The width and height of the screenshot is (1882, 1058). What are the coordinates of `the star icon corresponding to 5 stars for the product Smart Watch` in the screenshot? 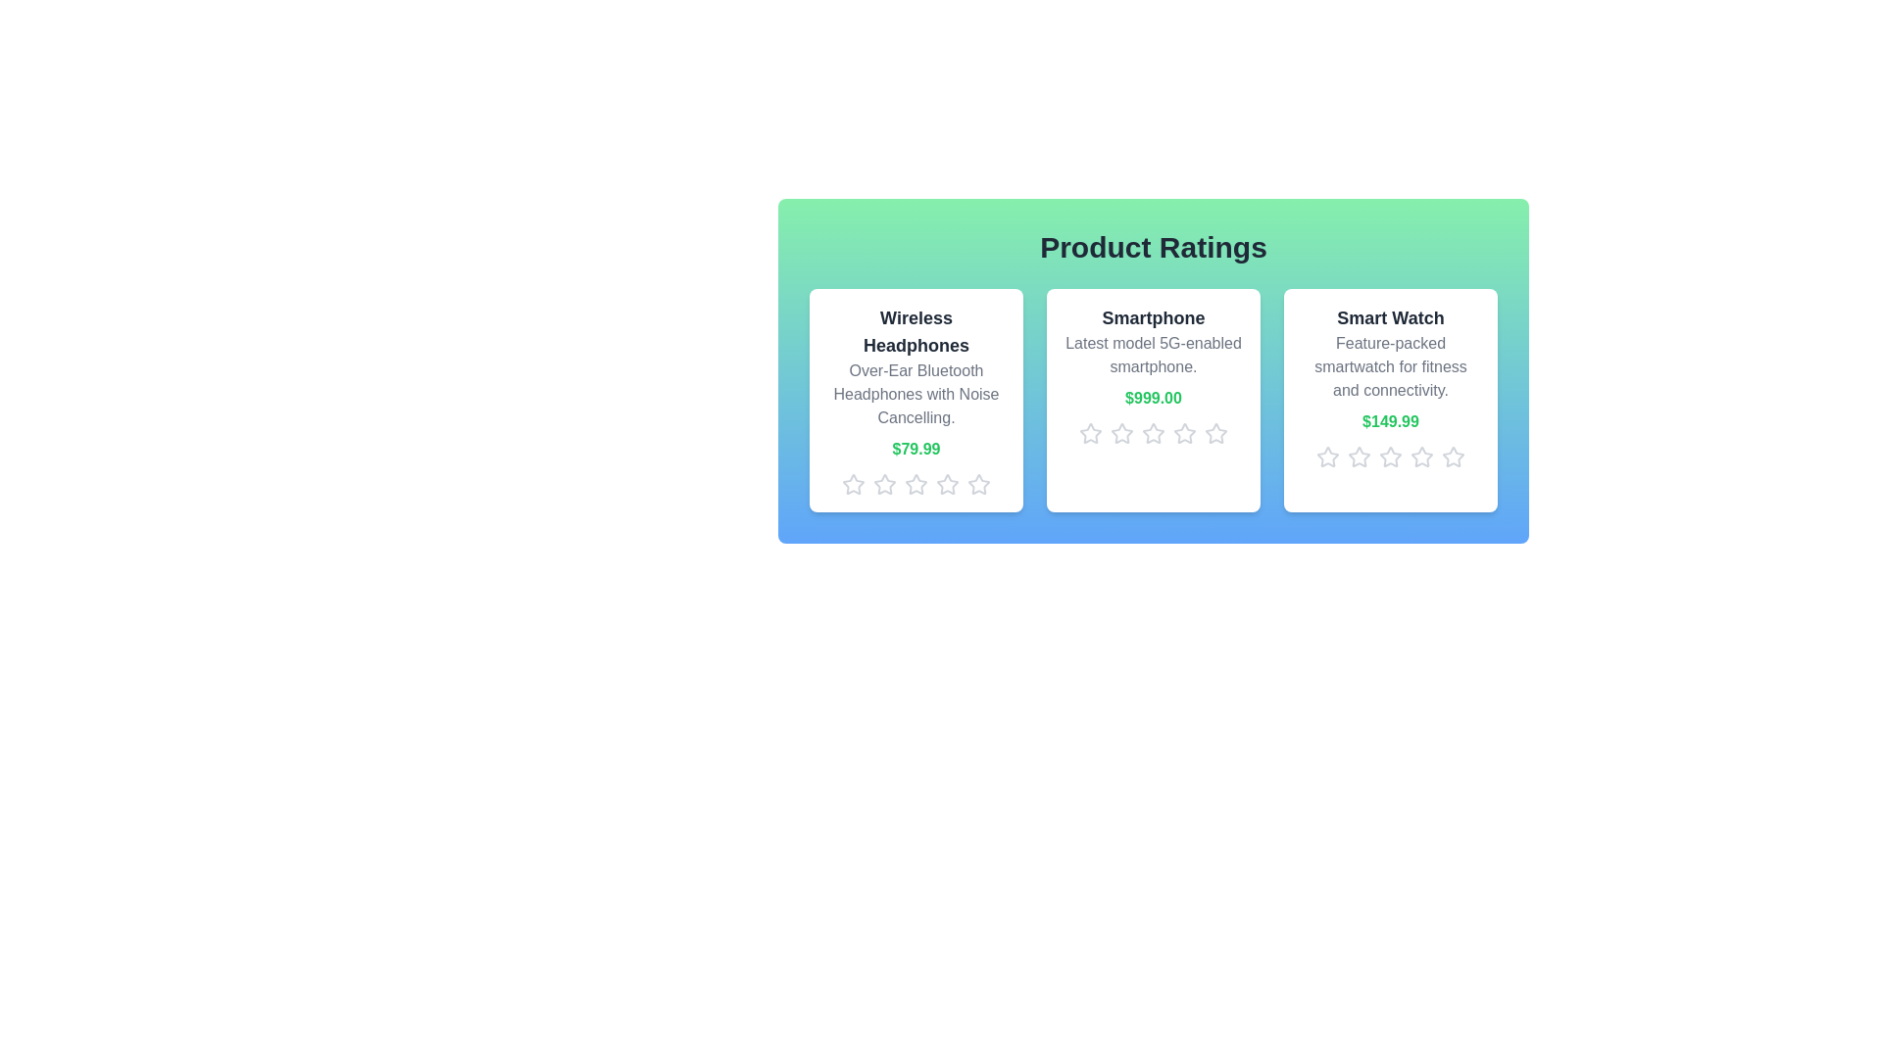 It's located at (1454, 457).